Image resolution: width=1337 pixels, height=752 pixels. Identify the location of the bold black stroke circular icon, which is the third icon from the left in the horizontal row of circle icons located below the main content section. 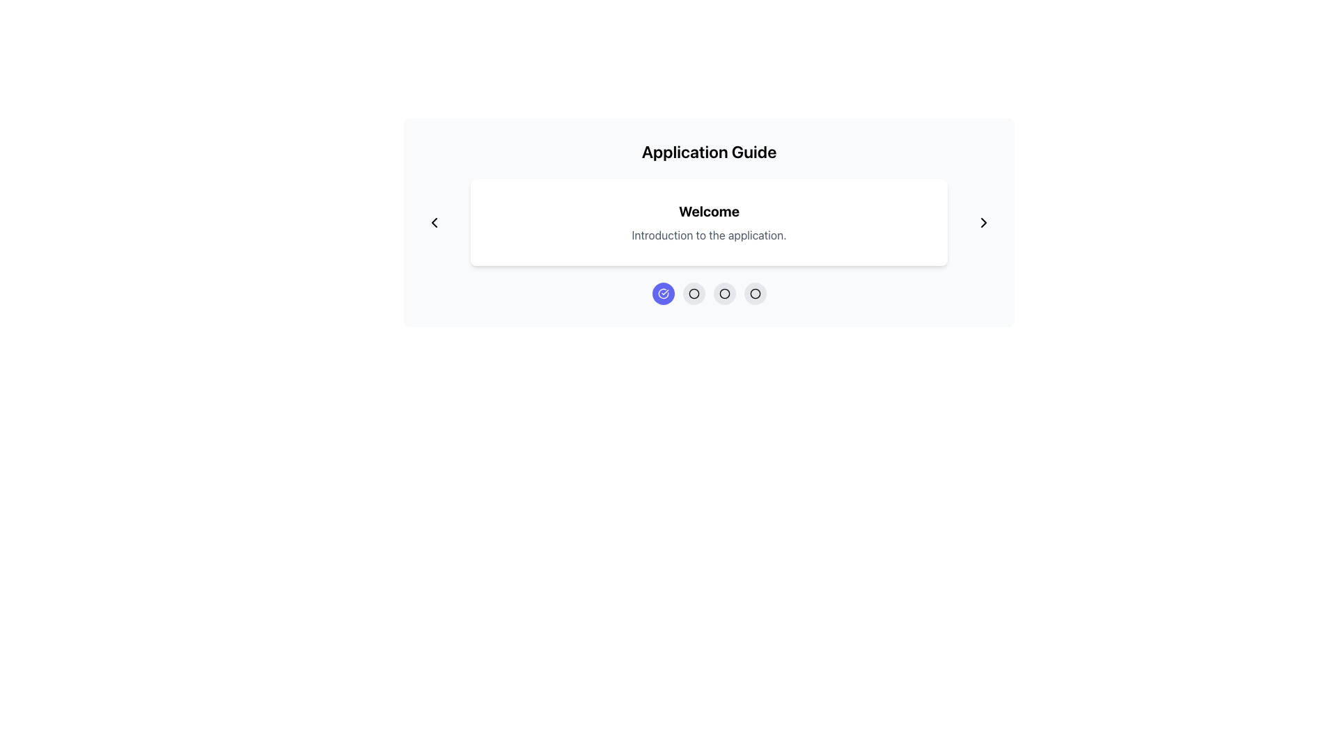
(724, 292).